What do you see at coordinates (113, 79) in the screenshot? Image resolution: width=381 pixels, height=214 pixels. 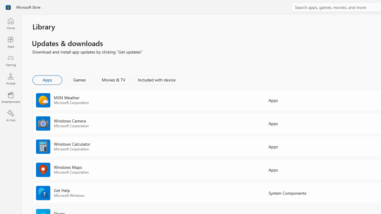 I see `'Movies & TV'` at bounding box center [113, 79].